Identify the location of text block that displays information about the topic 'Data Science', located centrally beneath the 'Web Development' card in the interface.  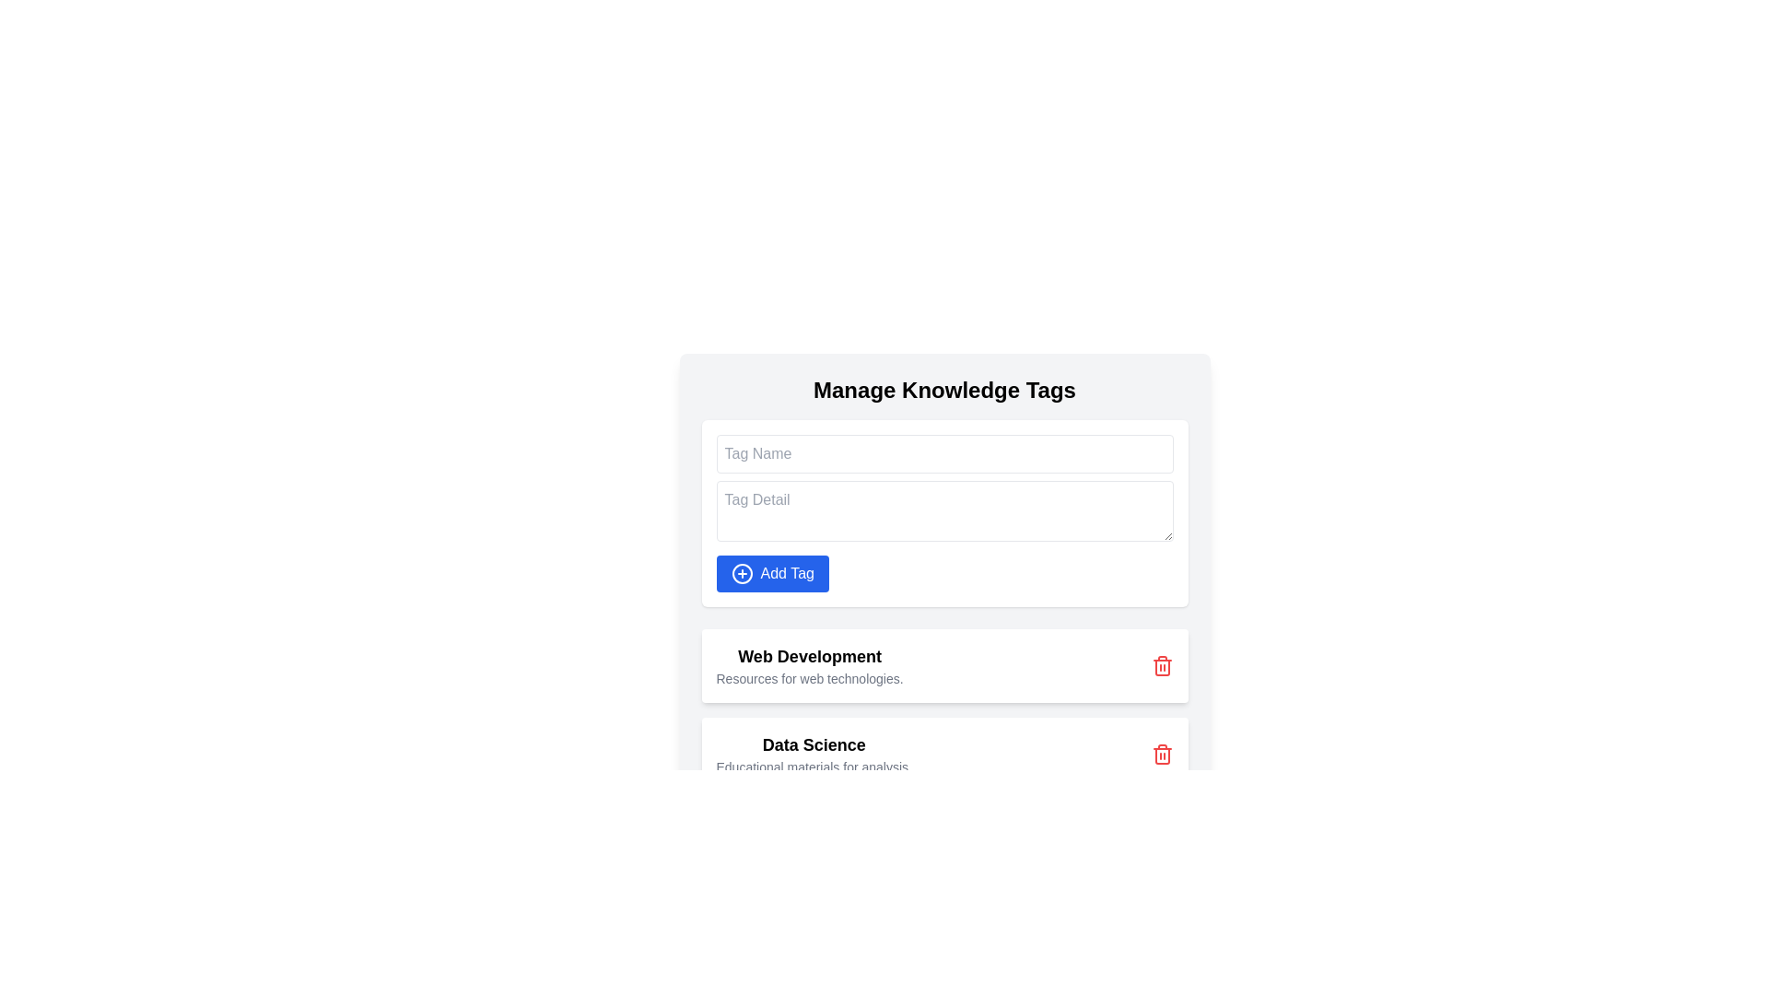
(813, 754).